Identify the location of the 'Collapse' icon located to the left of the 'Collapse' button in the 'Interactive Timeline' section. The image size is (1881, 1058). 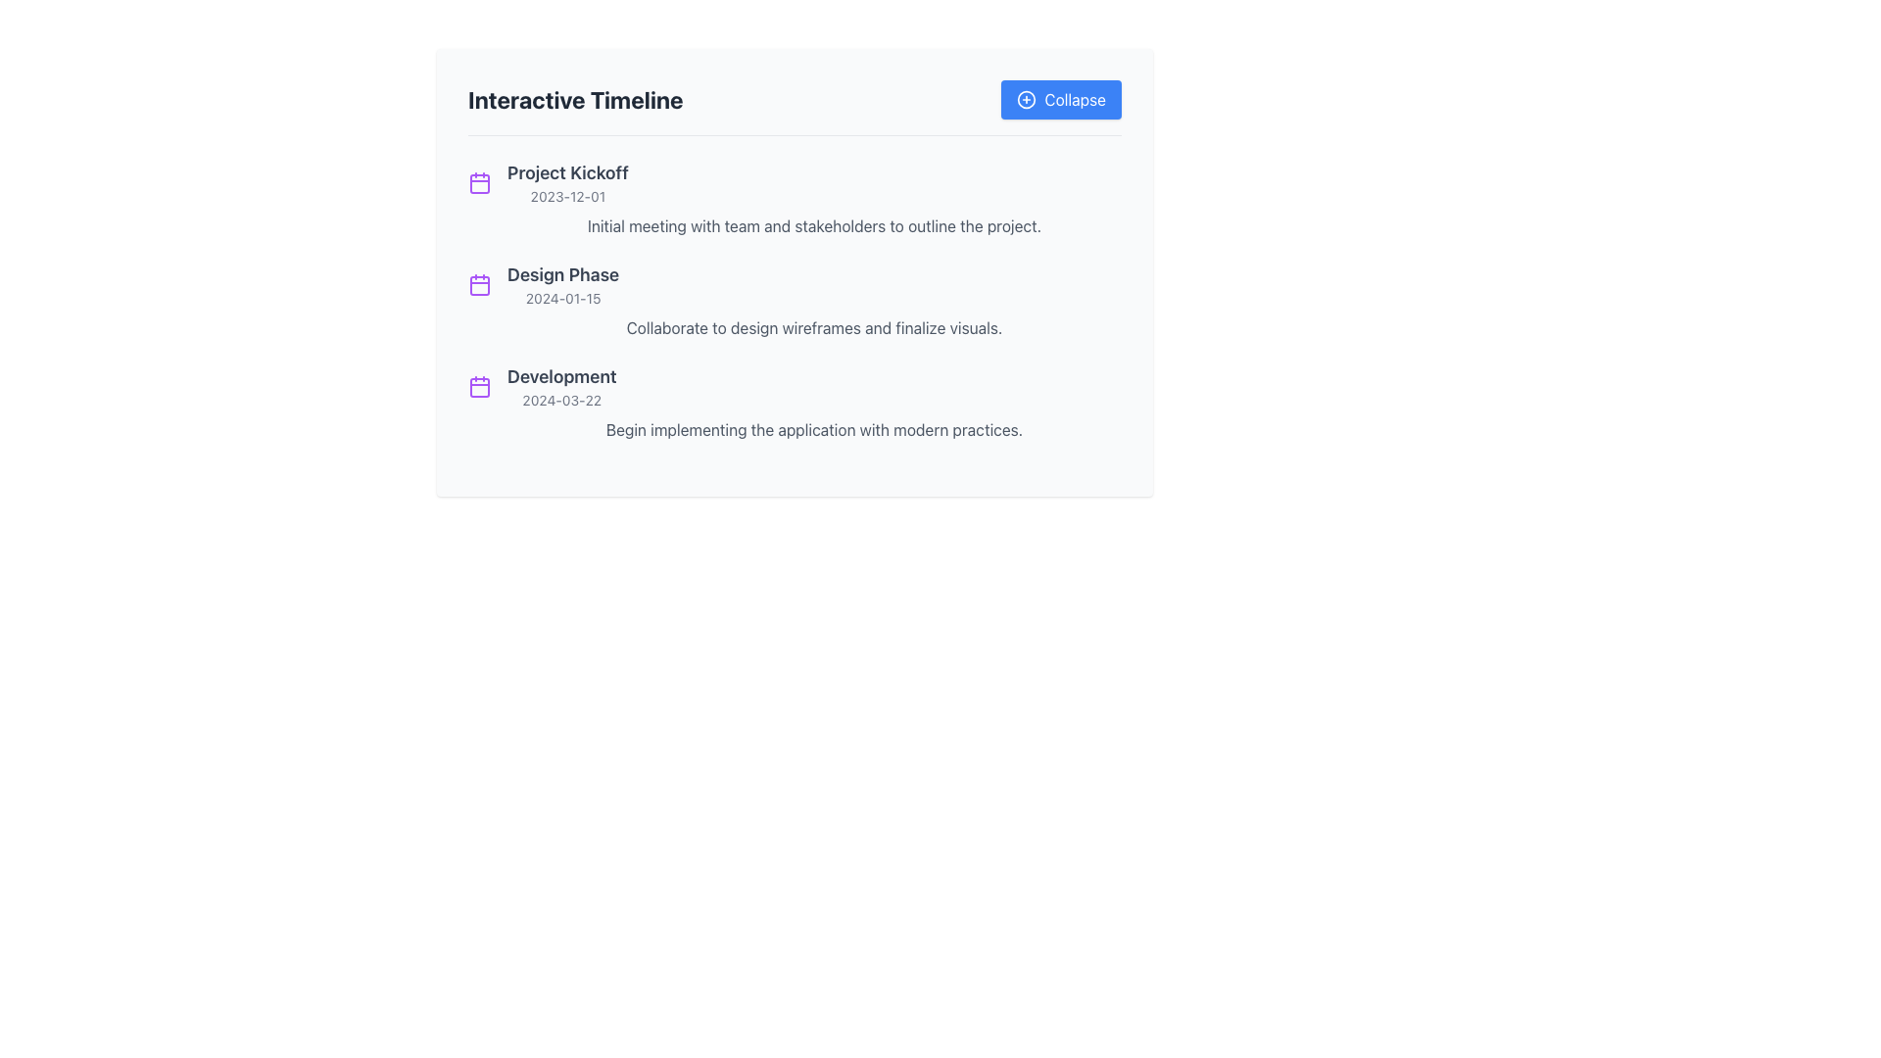
(1026, 99).